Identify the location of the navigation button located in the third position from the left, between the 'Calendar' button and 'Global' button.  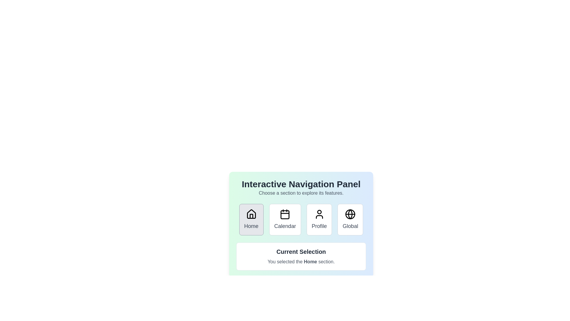
(319, 220).